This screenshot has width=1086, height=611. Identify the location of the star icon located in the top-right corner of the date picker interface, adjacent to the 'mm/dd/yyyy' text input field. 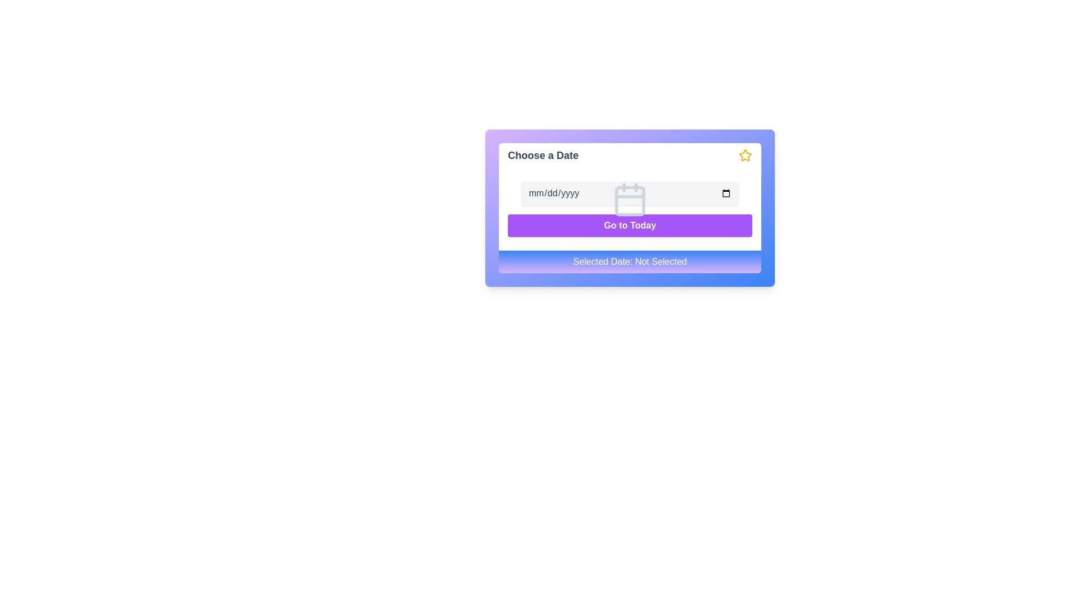
(745, 155).